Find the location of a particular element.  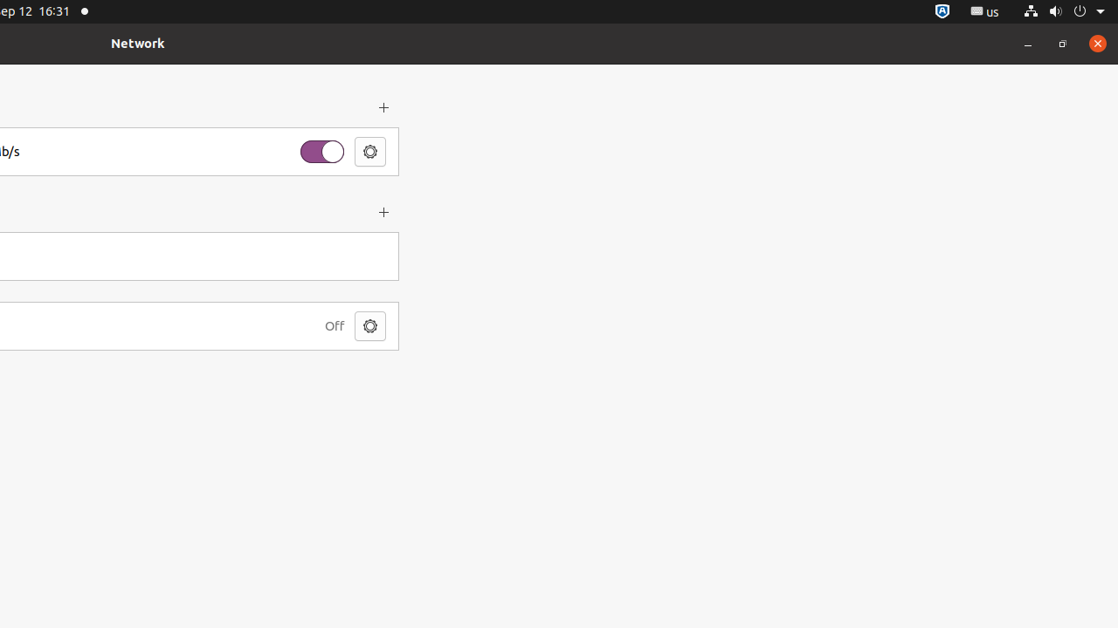

'Close' is located at coordinates (1096, 42).